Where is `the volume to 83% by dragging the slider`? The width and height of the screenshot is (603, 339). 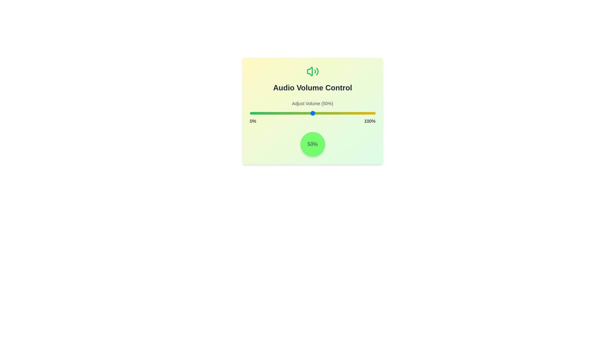
the volume to 83% by dragging the slider is located at coordinates (354, 113).